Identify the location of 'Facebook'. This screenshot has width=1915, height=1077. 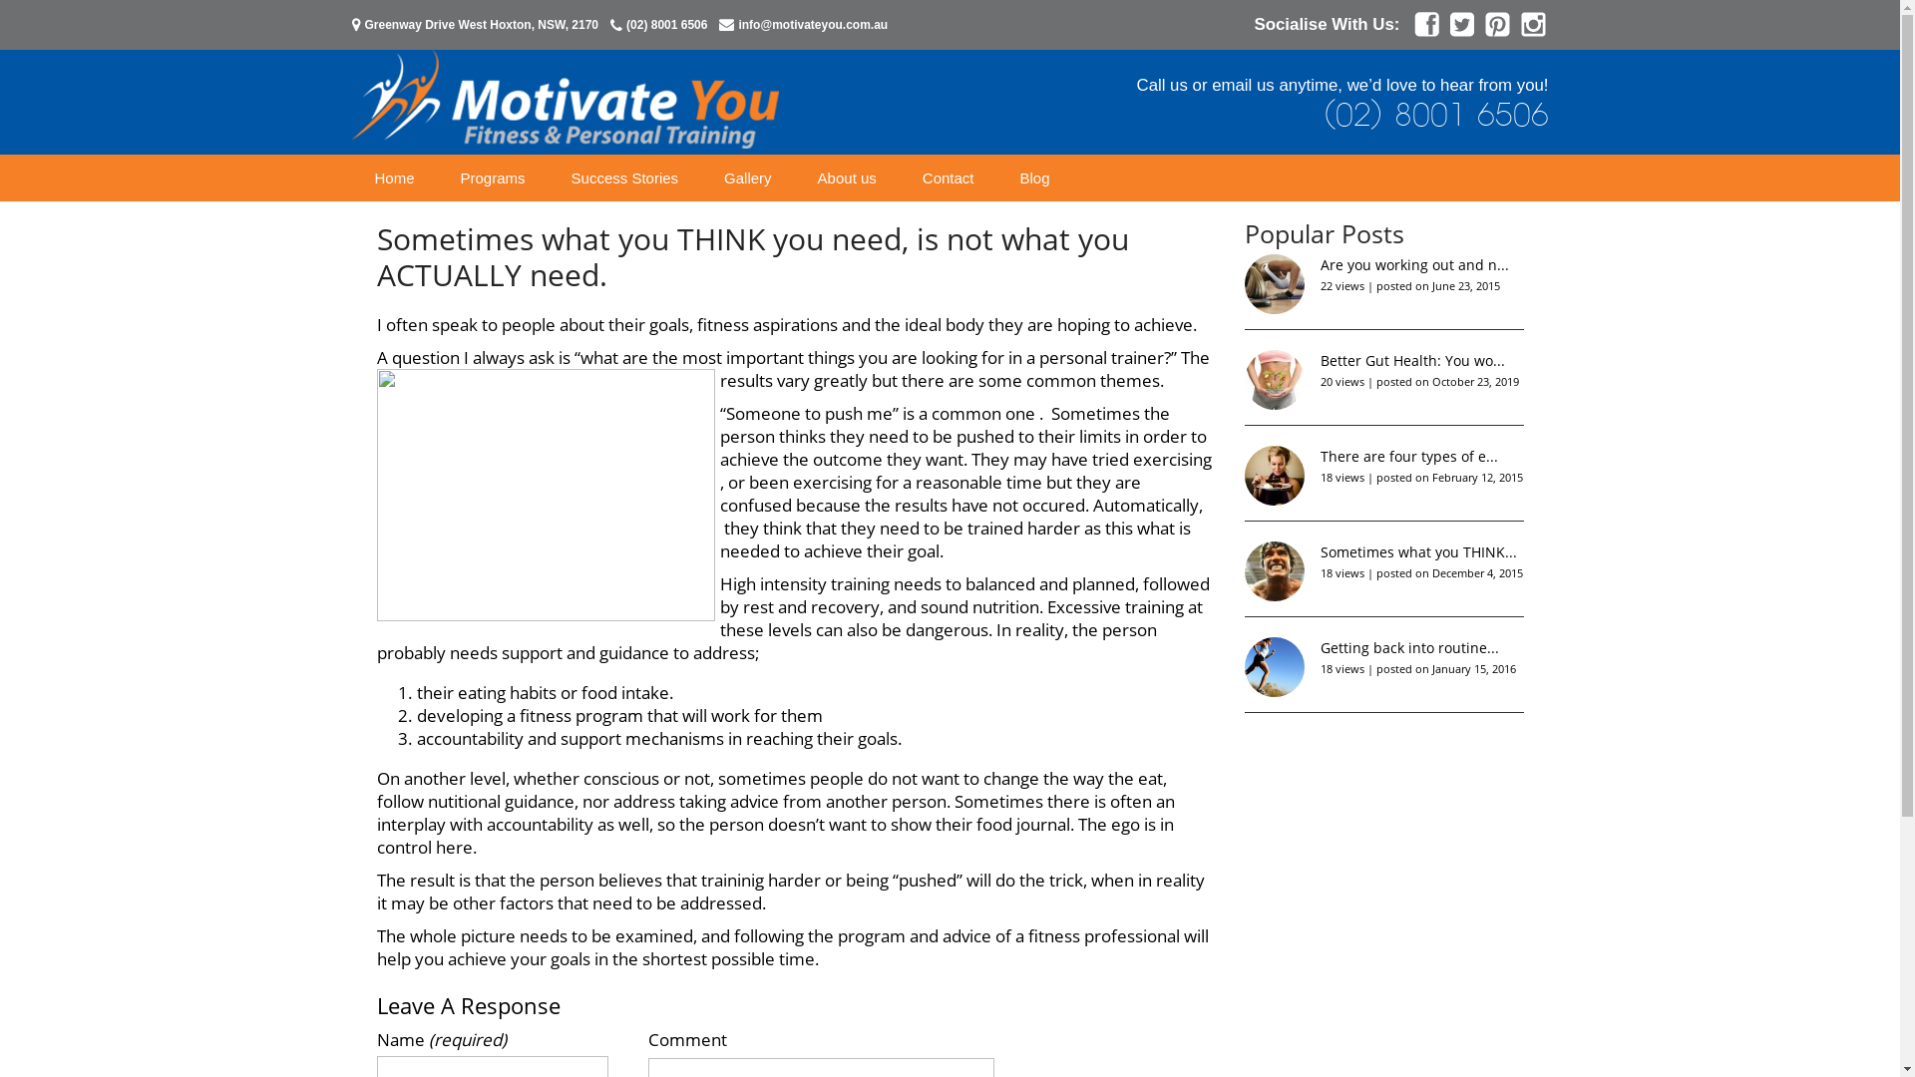
(1425, 31).